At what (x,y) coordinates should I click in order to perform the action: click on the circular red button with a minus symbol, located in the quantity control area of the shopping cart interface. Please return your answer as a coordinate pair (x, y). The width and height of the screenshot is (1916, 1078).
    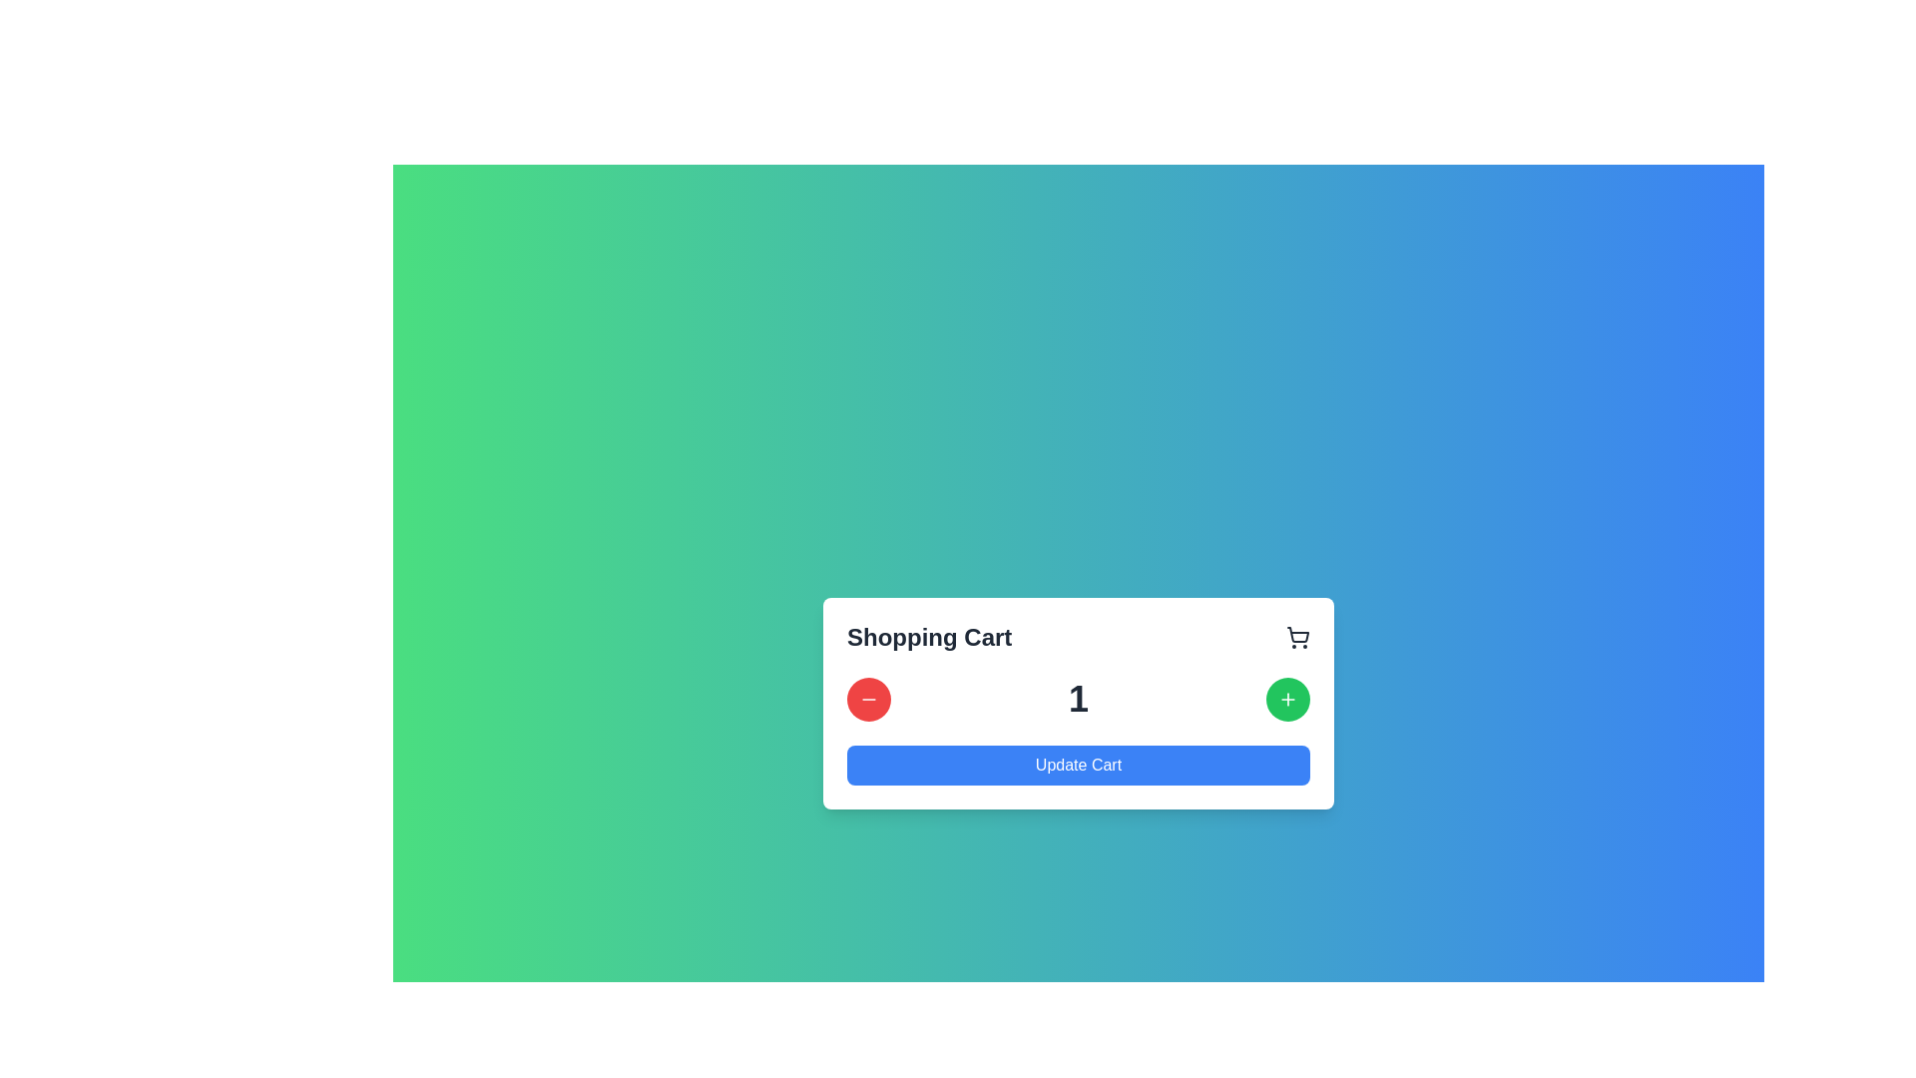
    Looking at the image, I should click on (868, 699).